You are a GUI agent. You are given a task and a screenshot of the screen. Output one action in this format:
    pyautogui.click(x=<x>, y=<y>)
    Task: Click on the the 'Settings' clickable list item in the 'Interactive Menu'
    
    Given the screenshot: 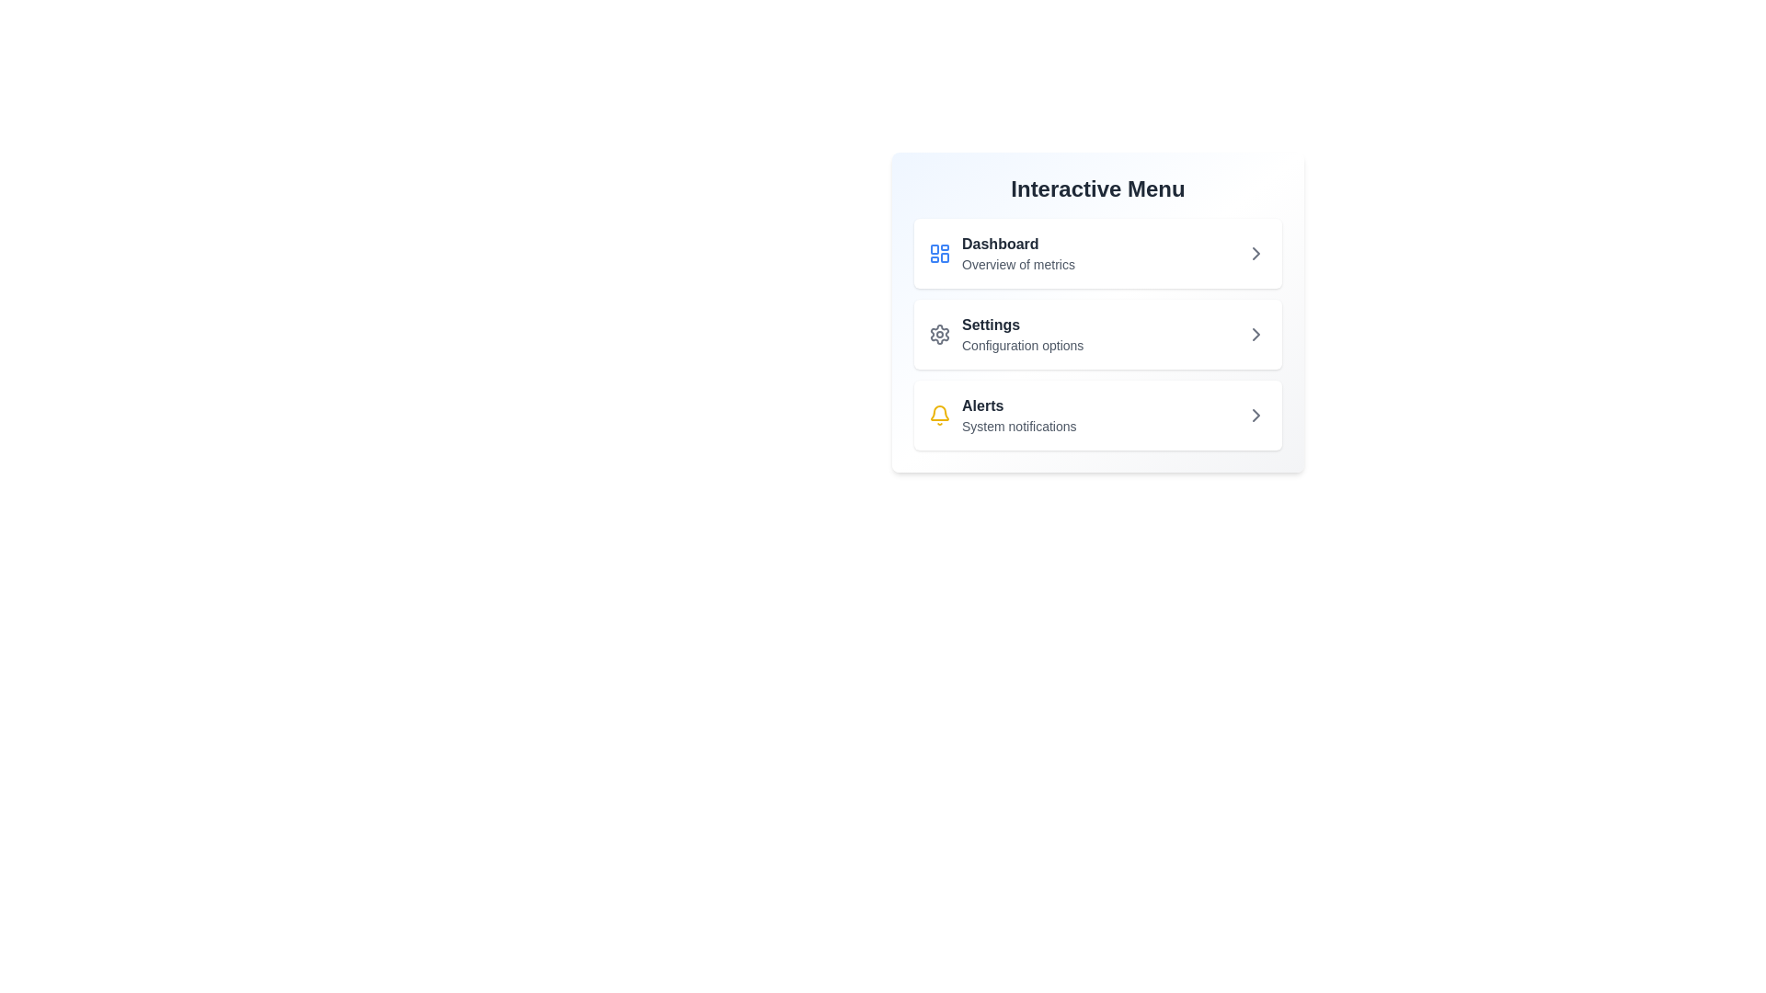 What is the action you would take?
    pyautogui.click(x=1098, y=334)
    